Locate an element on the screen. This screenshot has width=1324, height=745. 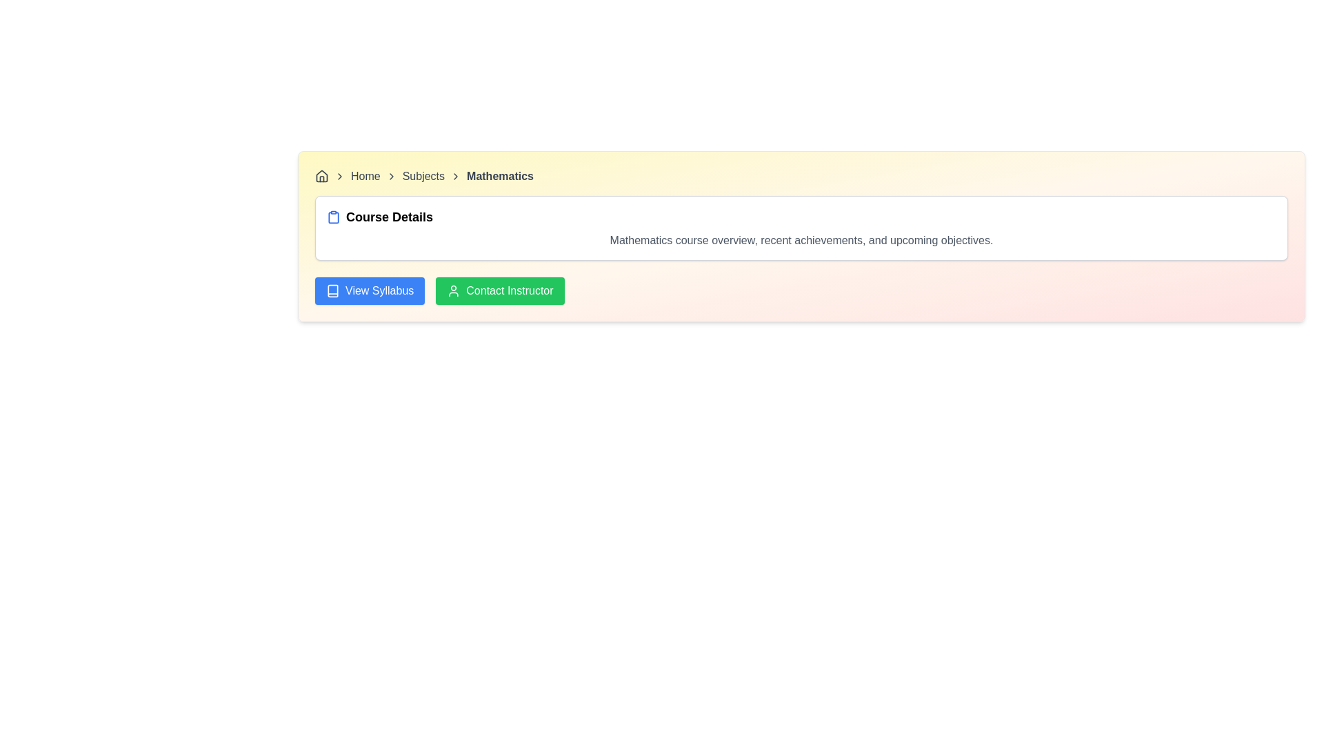
the right-facing chevron icon in the breadcrumb navigation bar, which is designed with a thin black stroke on a transparent background, located between the home icon and the text label 'Home' is located at coordinates (340, 175).